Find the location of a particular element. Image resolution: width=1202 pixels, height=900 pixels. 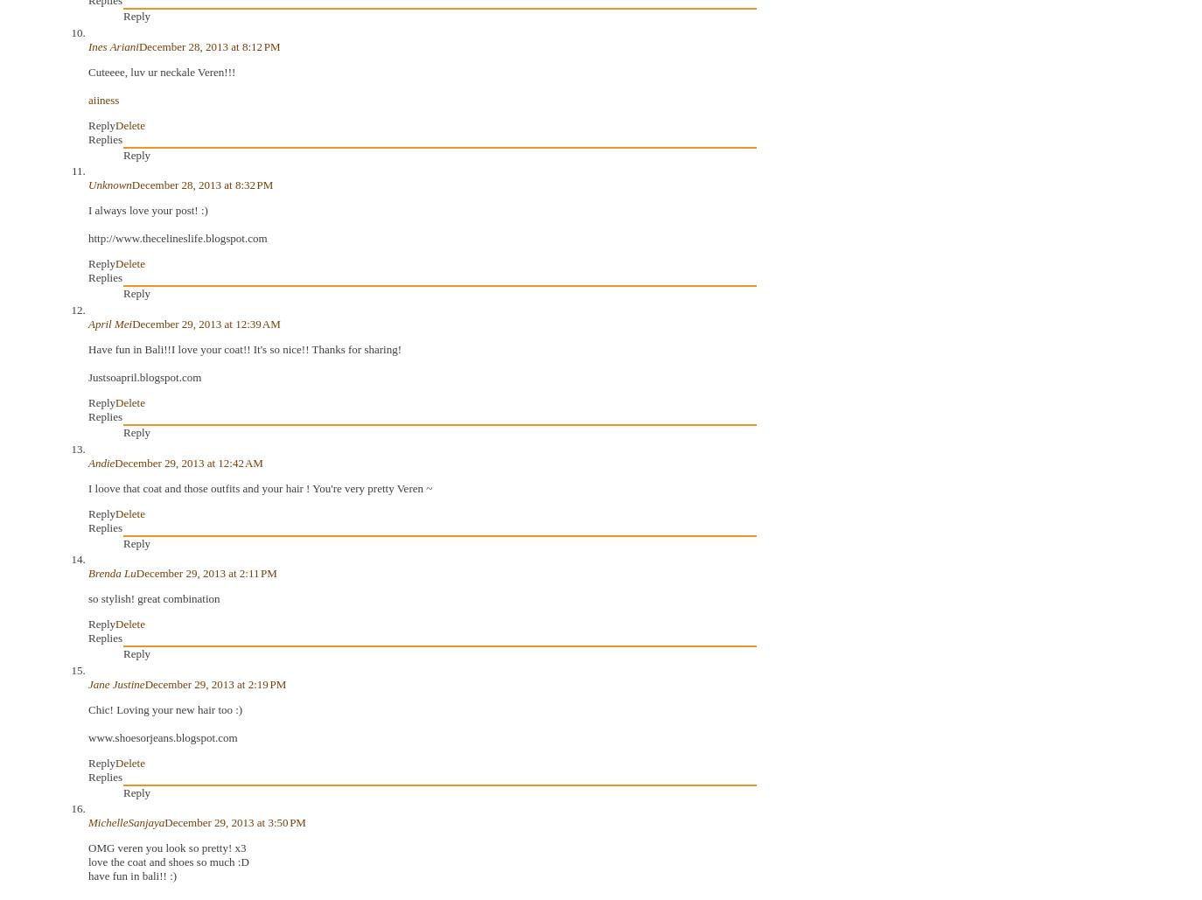

'I loove that coat and those outfits and your hair ! You're very pretty Veren ~' is located at coordinates (259, 486).